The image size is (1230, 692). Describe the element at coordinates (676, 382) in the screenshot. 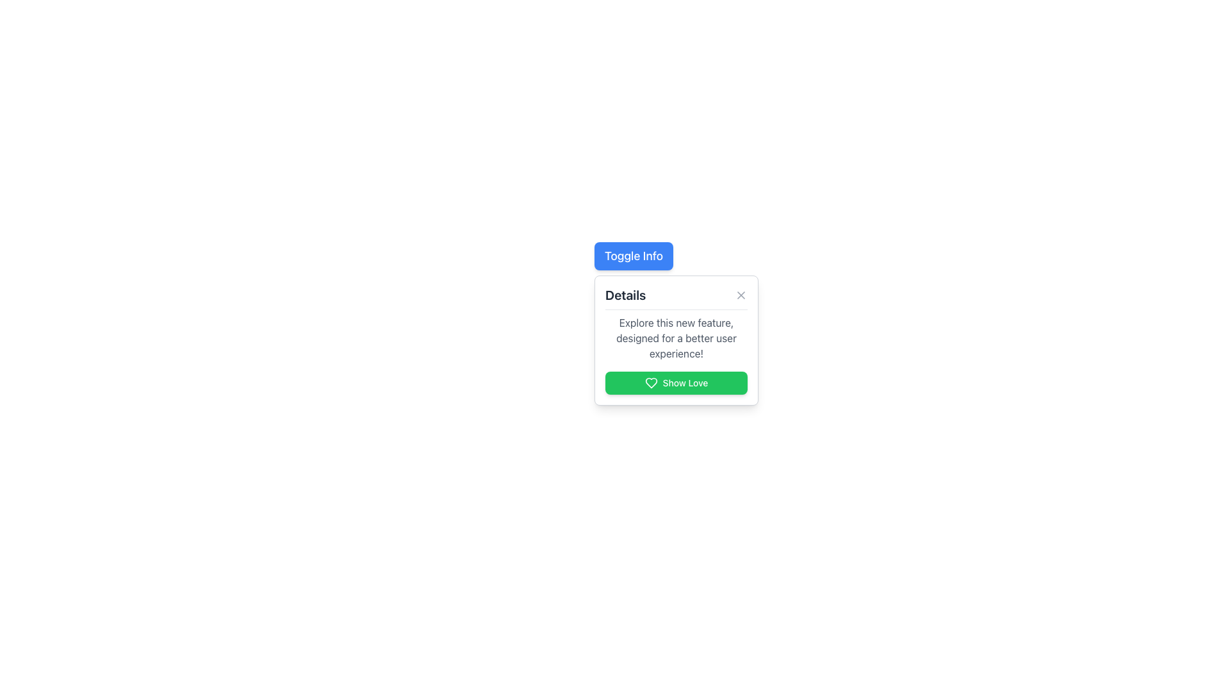

I see `the green button labeled 'Show Love' with a heart icon, located below the text 'Explore this new feature, designed for a better user experience!'` at that location.